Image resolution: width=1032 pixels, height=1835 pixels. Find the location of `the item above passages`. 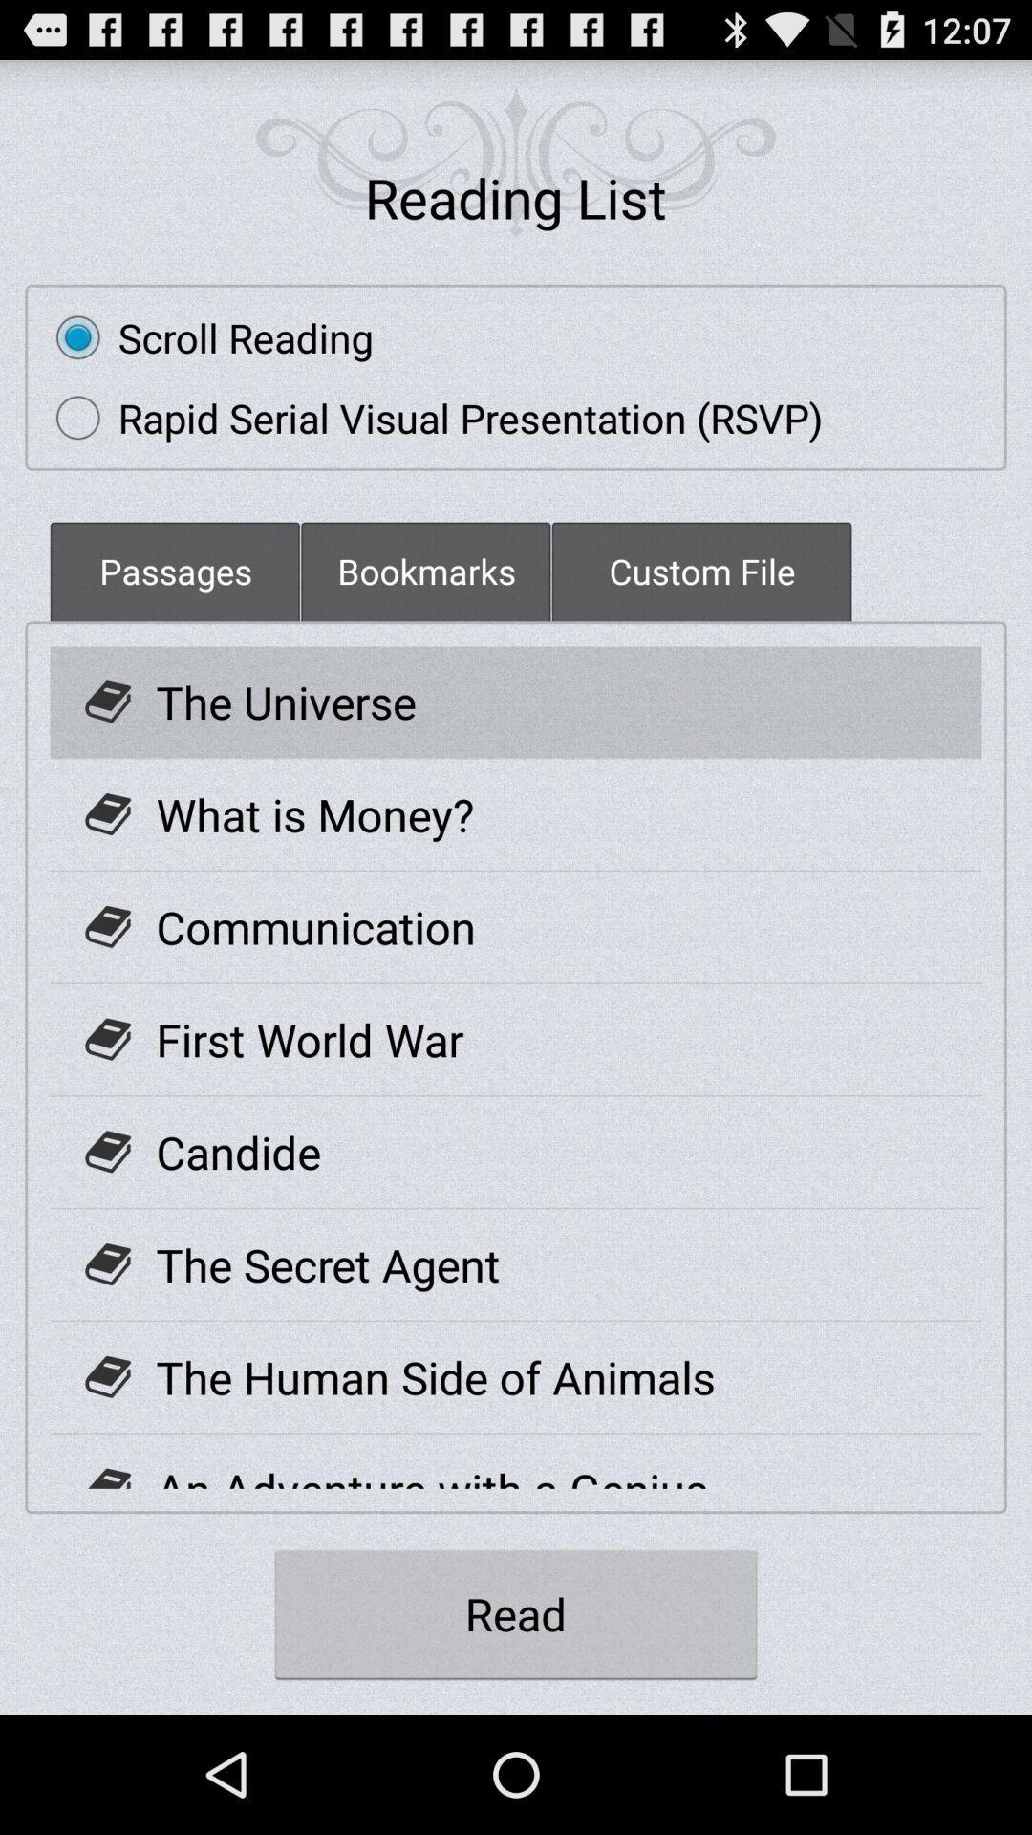

the item above passages is located at coordinates (430, 417).